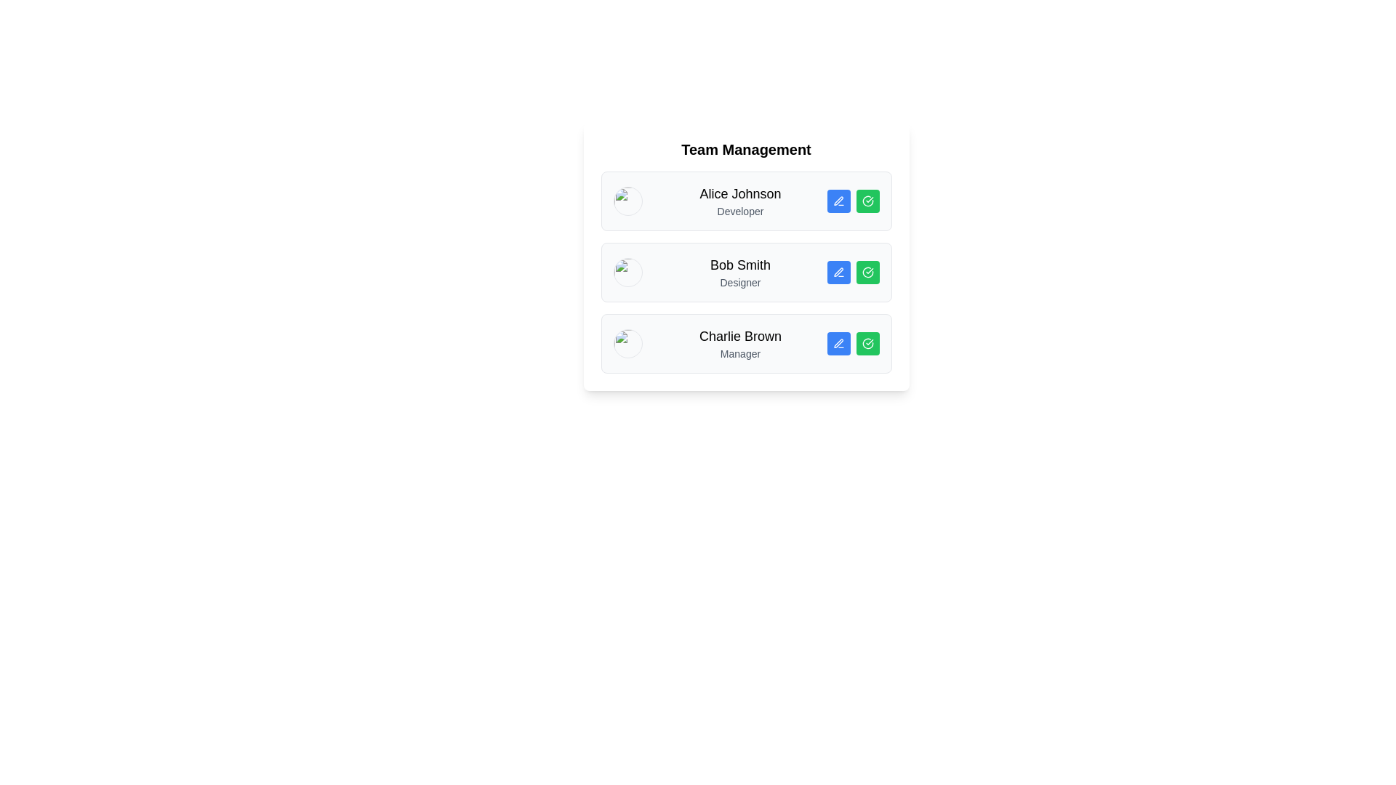  Describe the element at coordinates (740, 353) in the screenshot. I see `the text label indicating the role 'Manager' for the person 'Charlie Brown', which is located directly below the name in the UI` at that location.